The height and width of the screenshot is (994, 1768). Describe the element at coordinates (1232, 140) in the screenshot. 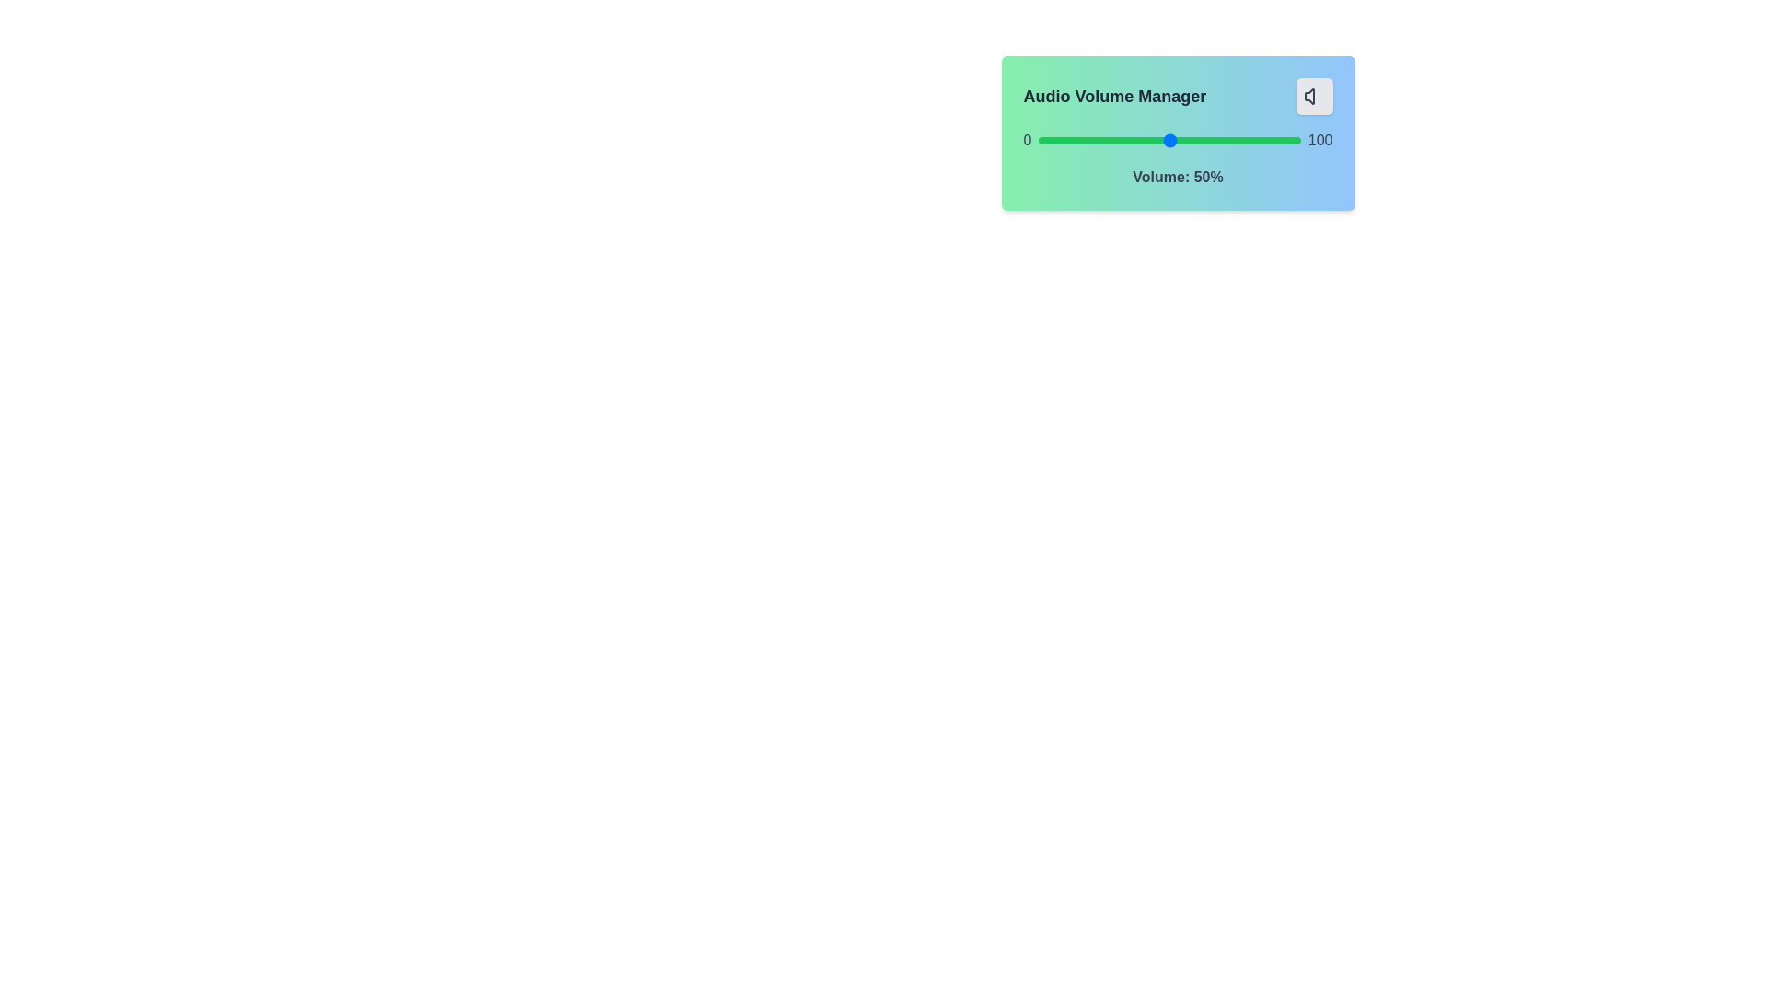

I see `the slider` at that location.